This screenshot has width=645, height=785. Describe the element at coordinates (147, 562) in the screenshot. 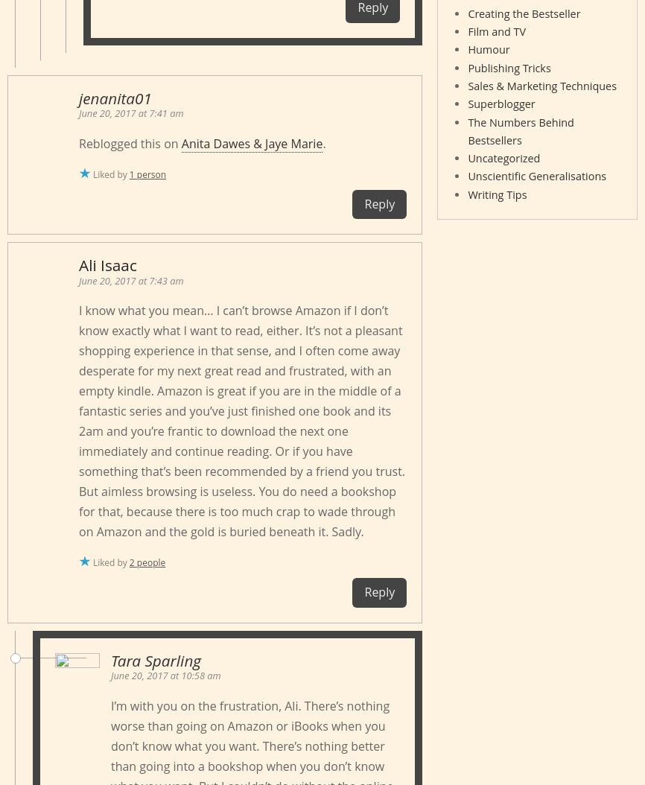

I see `'2 people'` at that location.